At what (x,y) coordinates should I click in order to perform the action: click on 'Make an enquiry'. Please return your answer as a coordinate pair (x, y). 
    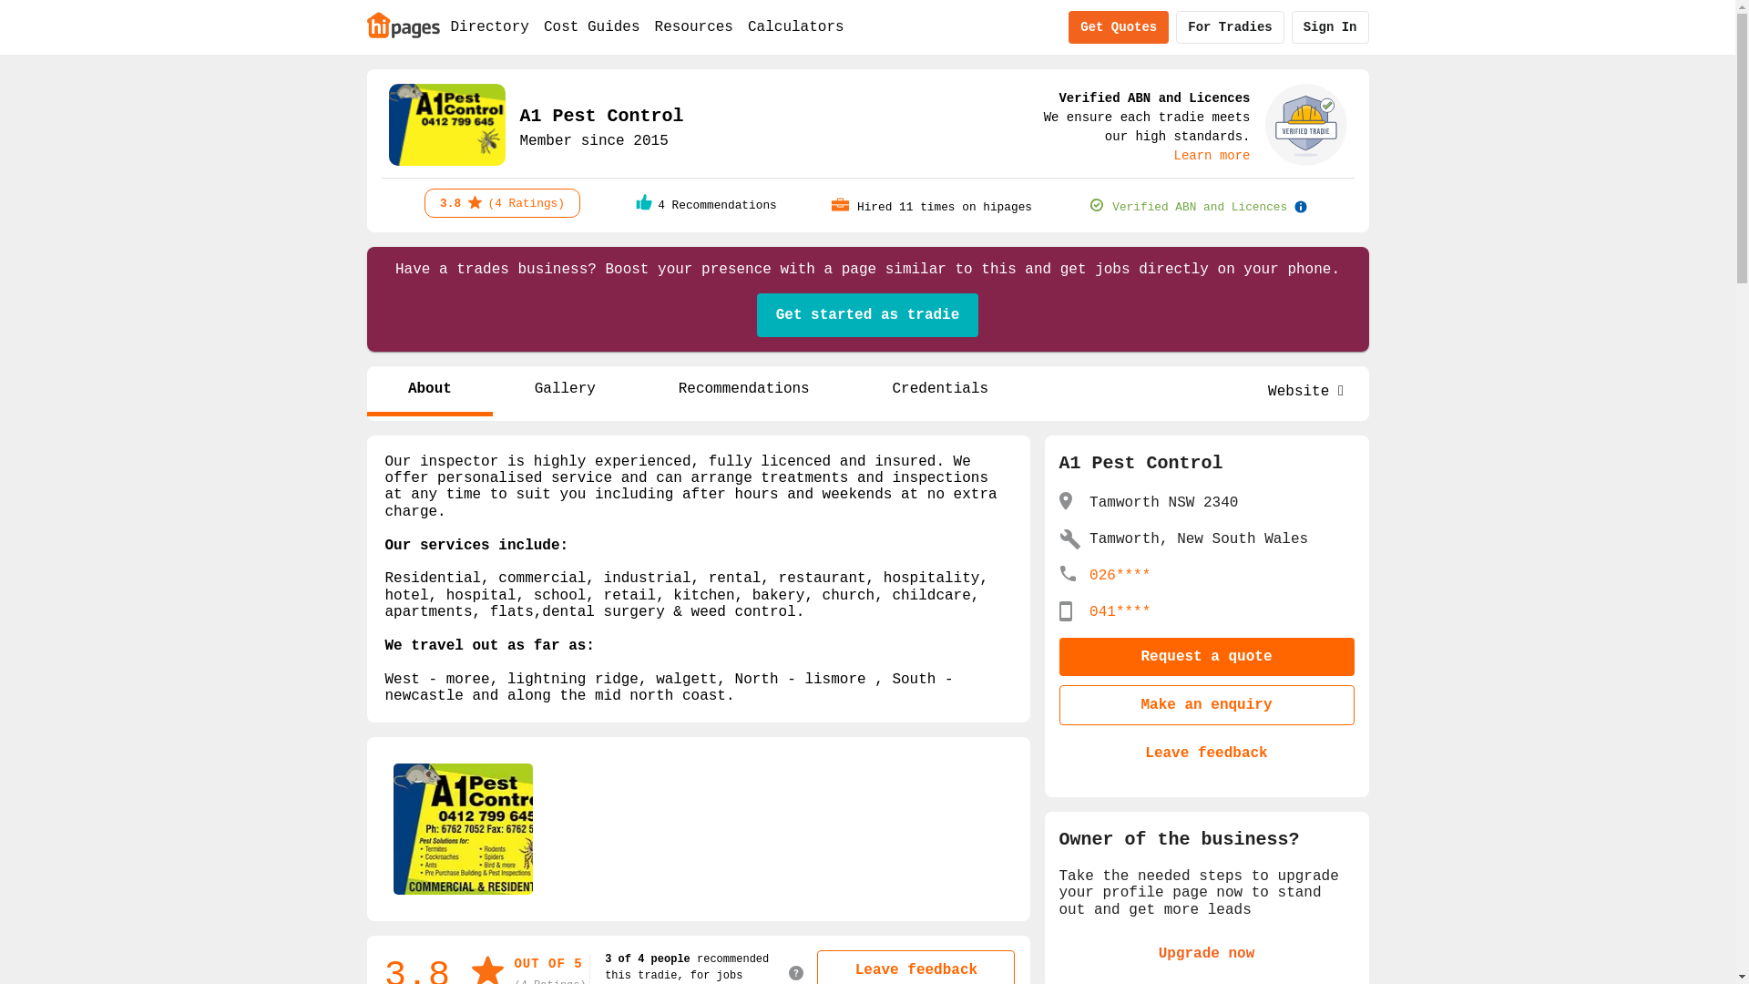
    Looking at the image, I should click on (1206, 704).